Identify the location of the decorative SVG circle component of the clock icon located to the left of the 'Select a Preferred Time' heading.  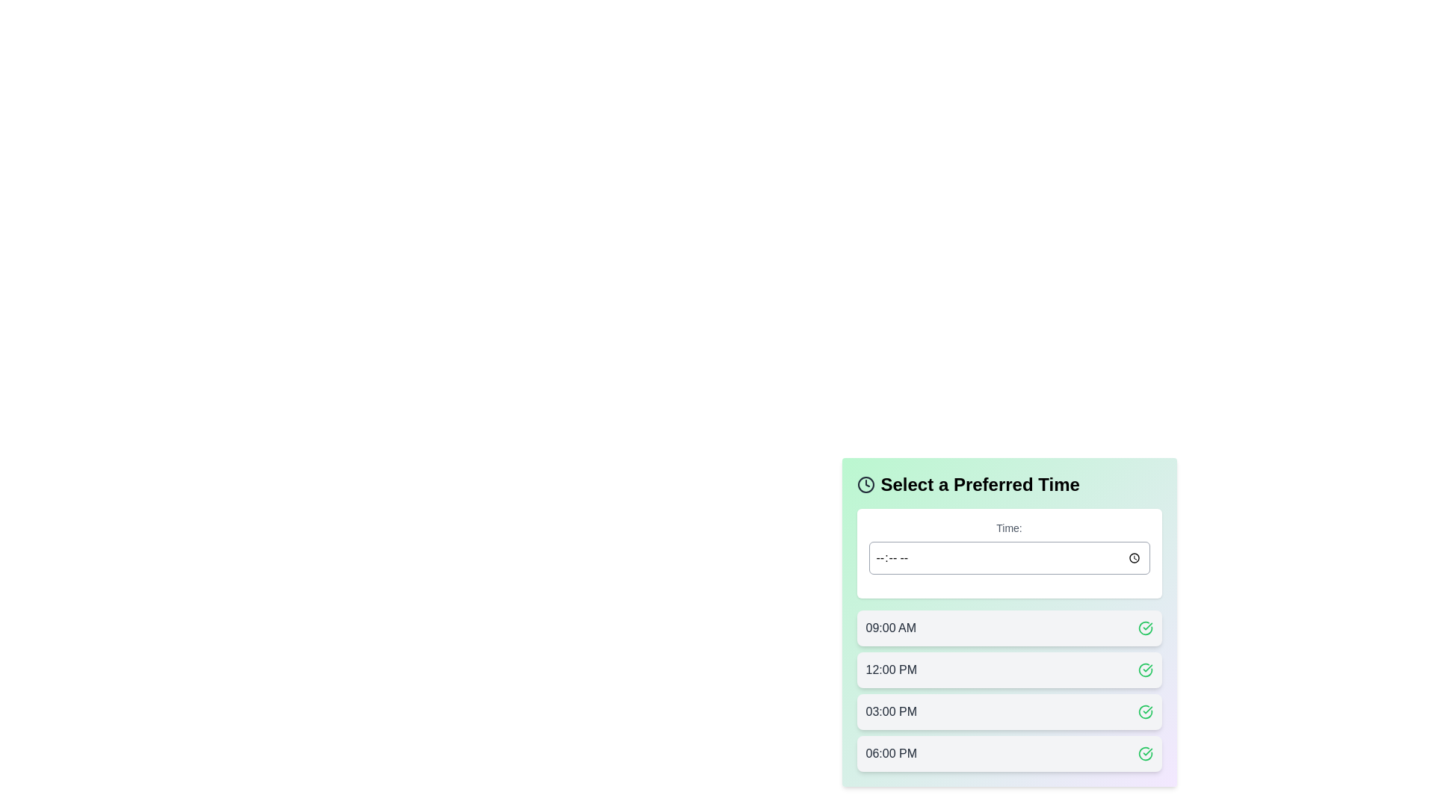
(865, 484).